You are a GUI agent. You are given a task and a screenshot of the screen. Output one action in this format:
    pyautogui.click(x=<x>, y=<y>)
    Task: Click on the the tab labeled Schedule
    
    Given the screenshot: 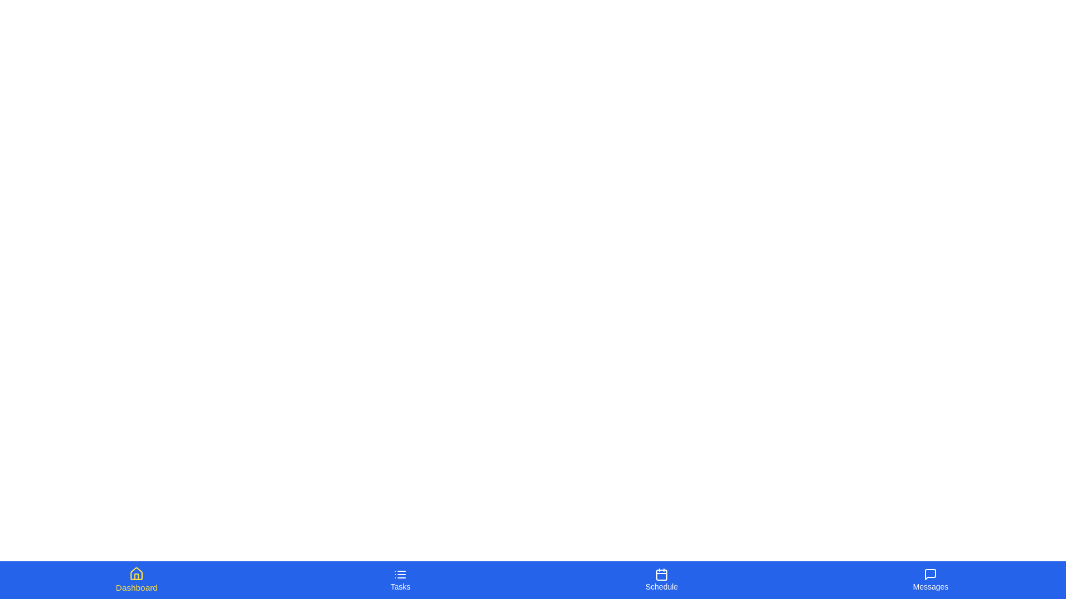 What is the action you would take?
    pyautogui.click(x=661, y=579)
    